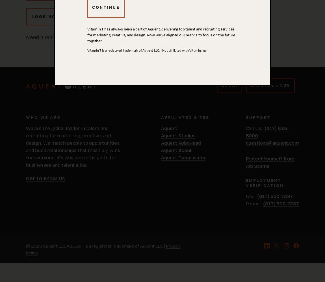 This screenshot has width=325, height=282. I want to click on 'Protect Yourself from Job Scams', so click(270, 162).